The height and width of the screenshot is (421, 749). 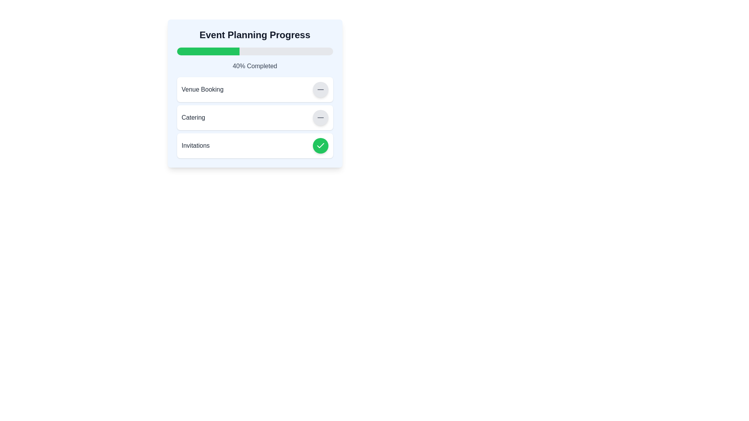 I want to click on the button located to the right of the 'Catering' label, so click(x=320, y=117).